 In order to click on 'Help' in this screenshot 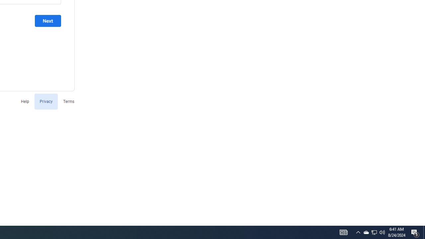, I will do `click(25, 101)`.